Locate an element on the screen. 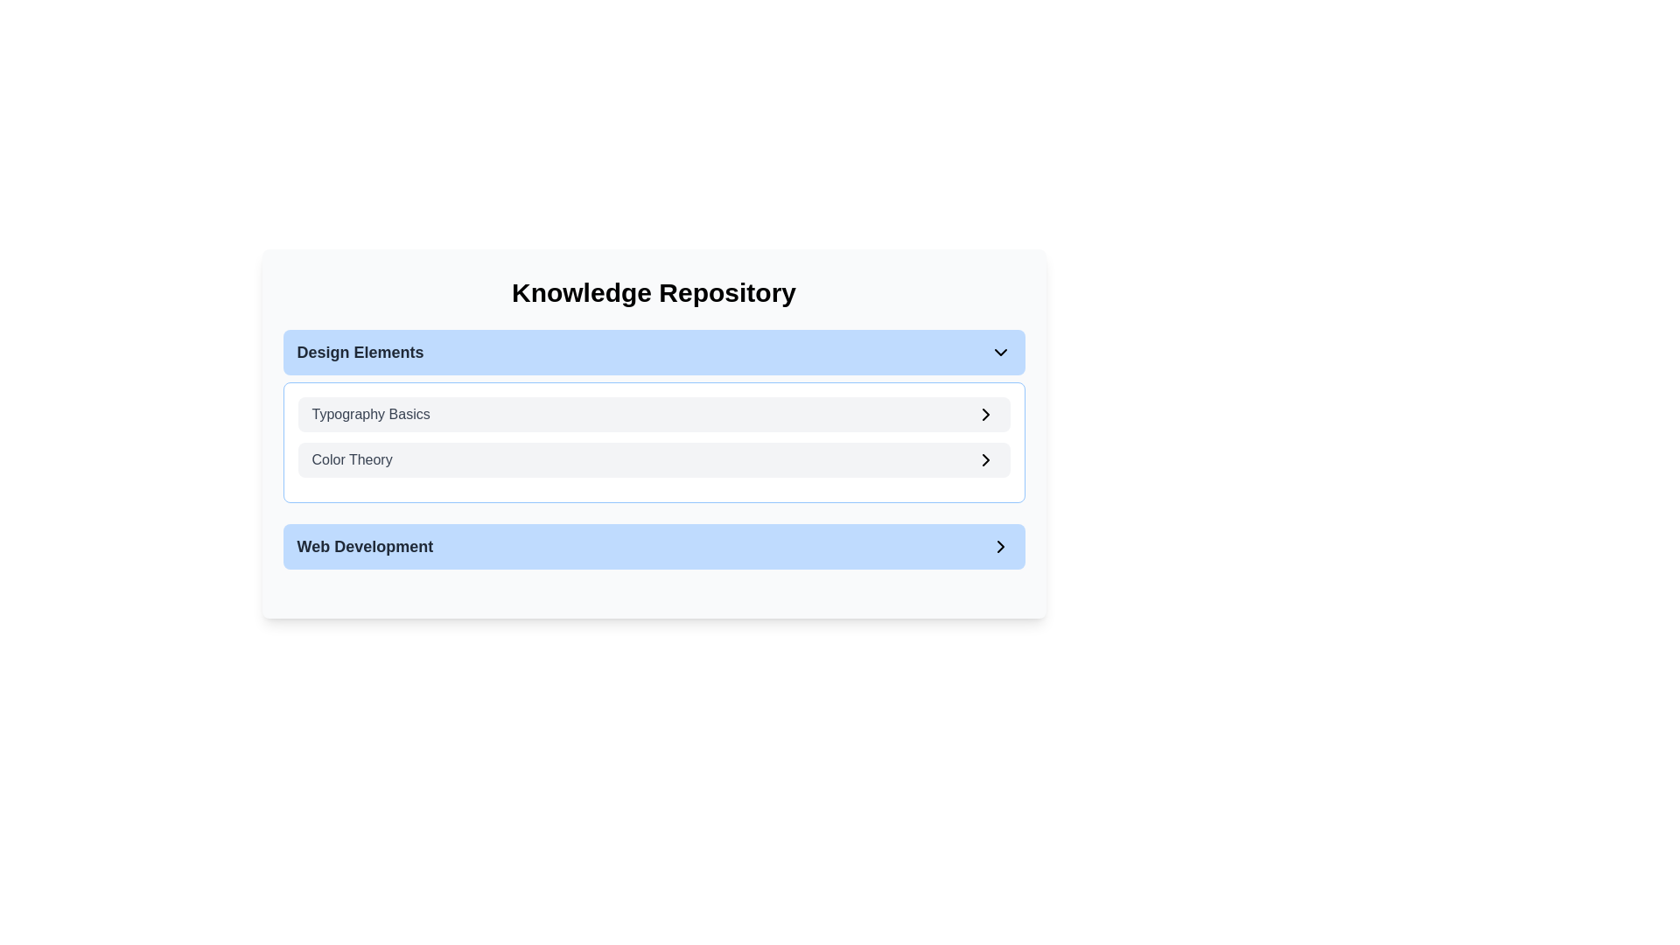 This screenshot has height=945, width=1680. the 'Color Theory' text label, which is the second item in the 'Design Elements' section is located at coordinates (351, 458).